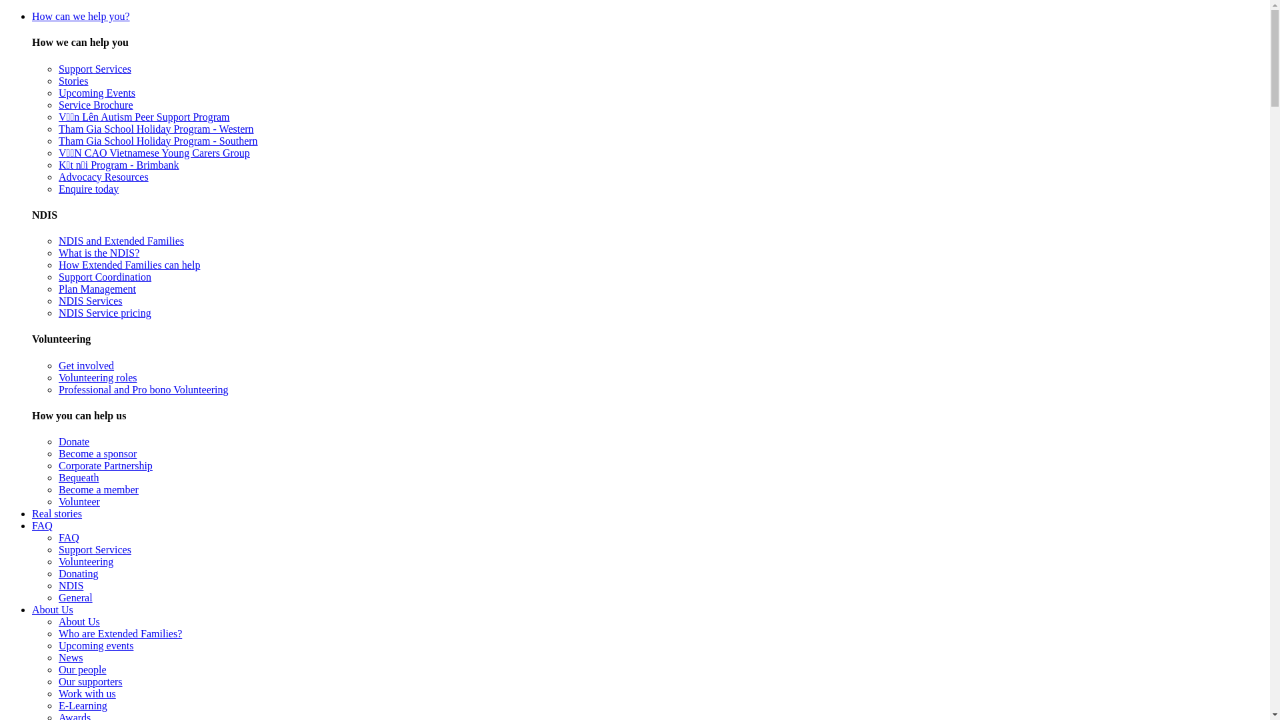 The height and width of the screenshot is (720, 1280). What do you see at coordinates (70, 585) in the screenshot?
I see `'NDIS'` at bounding box center [70, 585].